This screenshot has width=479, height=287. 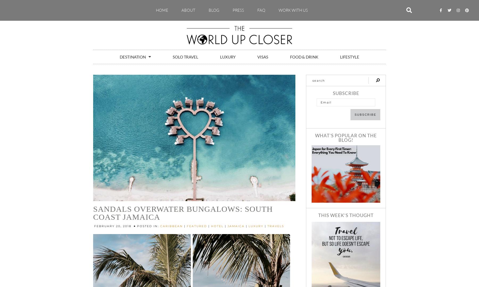 I want to click on 'Blog', so click(x=214, y=10).